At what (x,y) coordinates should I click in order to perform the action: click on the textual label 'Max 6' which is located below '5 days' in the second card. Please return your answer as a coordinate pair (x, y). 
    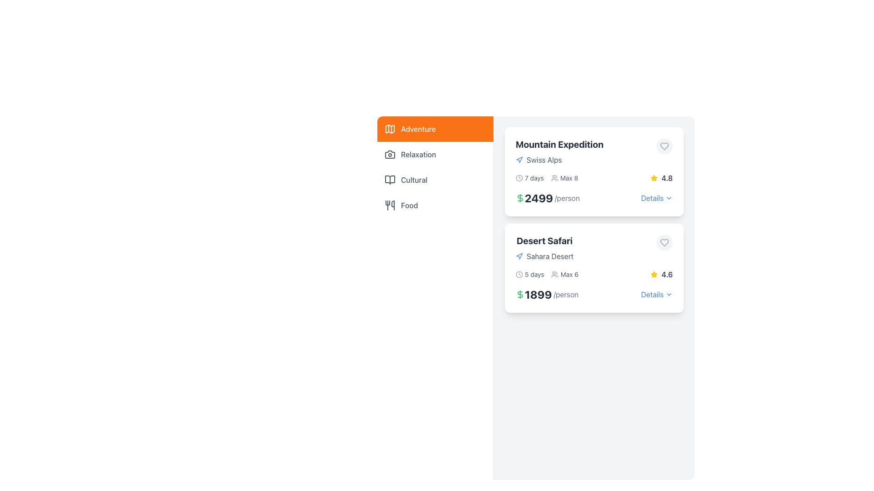
    Looking at the image, I should click on (564, 274).